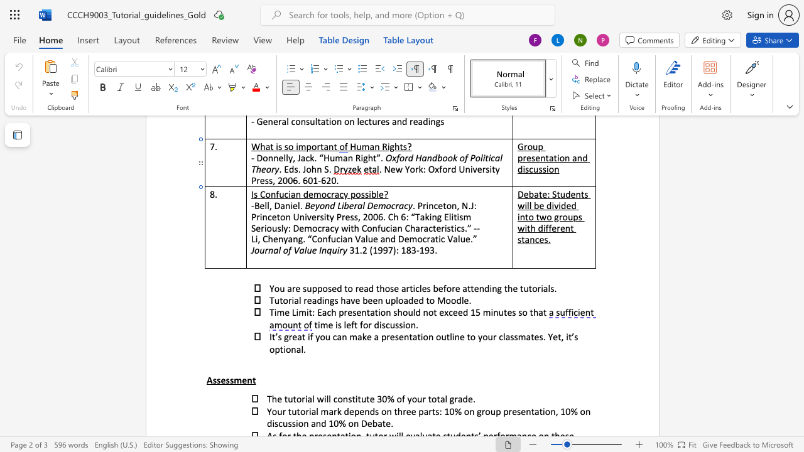  I want to click on the space between the continuous character "u" and "r" in the text, so click(492, 336).